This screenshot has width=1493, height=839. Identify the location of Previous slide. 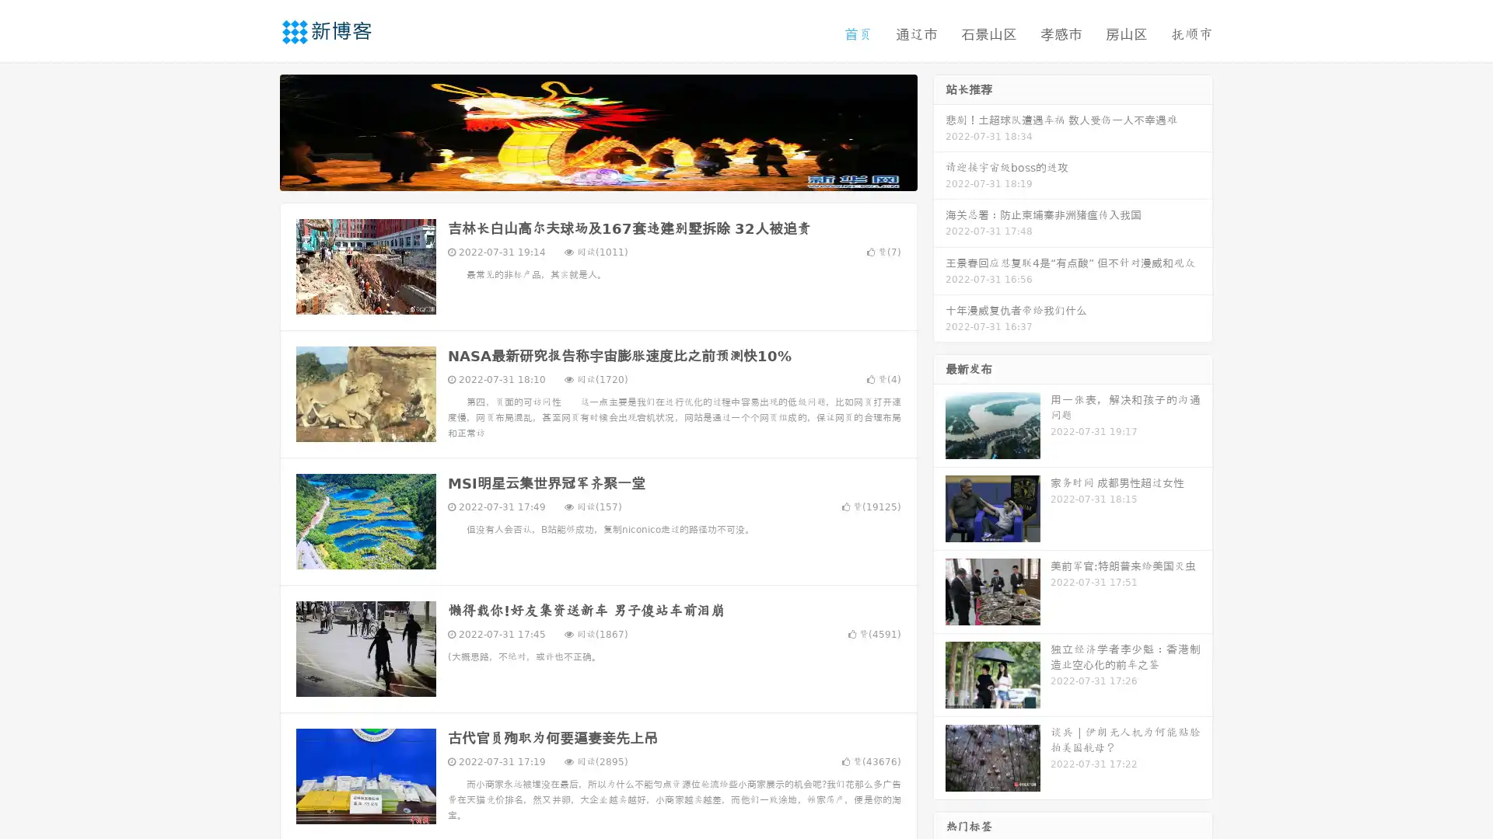
(257, 131).